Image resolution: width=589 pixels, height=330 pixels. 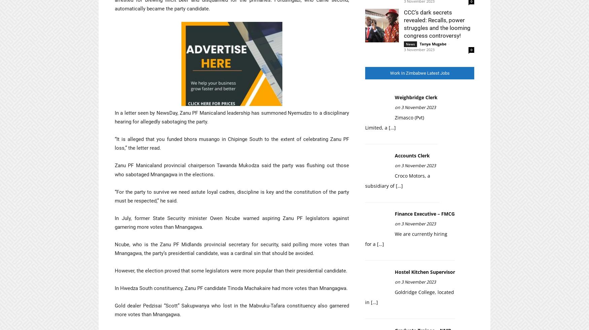 I want to click on 'CCC’s dark secrets revealed: Recalls, power struggles and the looming congress controversy!', so click(x=437, y=24).